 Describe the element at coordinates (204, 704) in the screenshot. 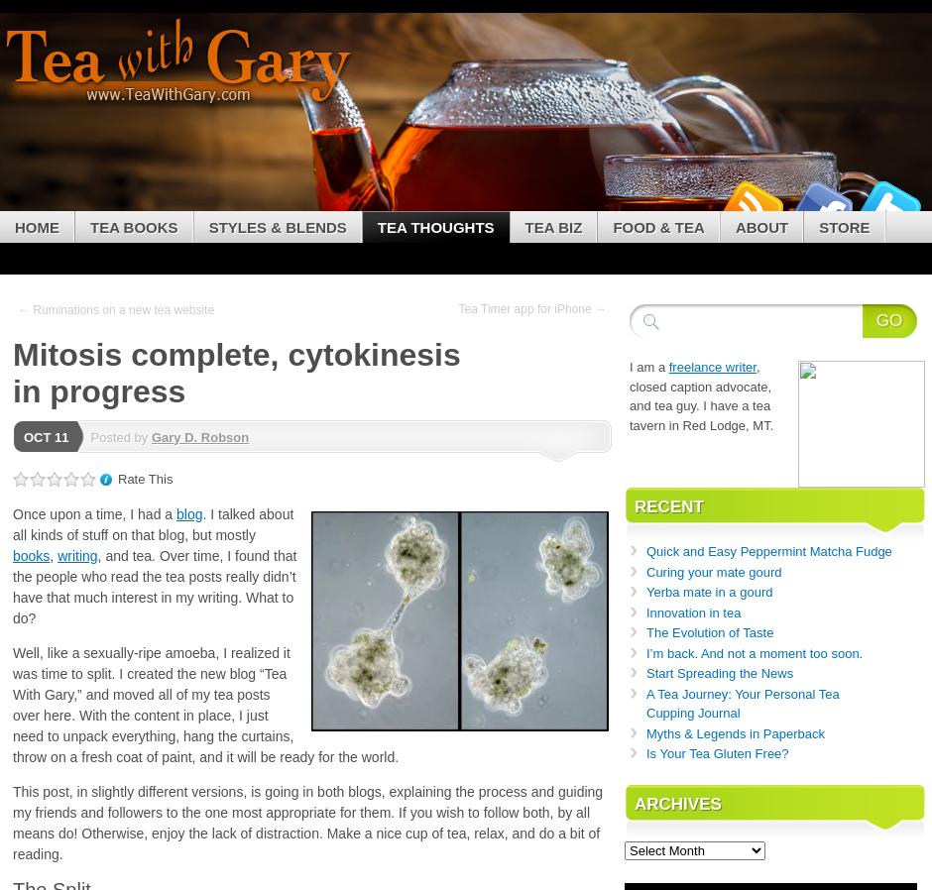

I see `'Well, like a sexually-ripe amoeba, I realized it was time to split. I created the new blog “Tea With Gary,” and moved all of my tea posts over here. With the content in place, I just need to unpack everything, hang the curtains, throw on a fresh coat of paint, and it will be ready for the world.'` at that location.